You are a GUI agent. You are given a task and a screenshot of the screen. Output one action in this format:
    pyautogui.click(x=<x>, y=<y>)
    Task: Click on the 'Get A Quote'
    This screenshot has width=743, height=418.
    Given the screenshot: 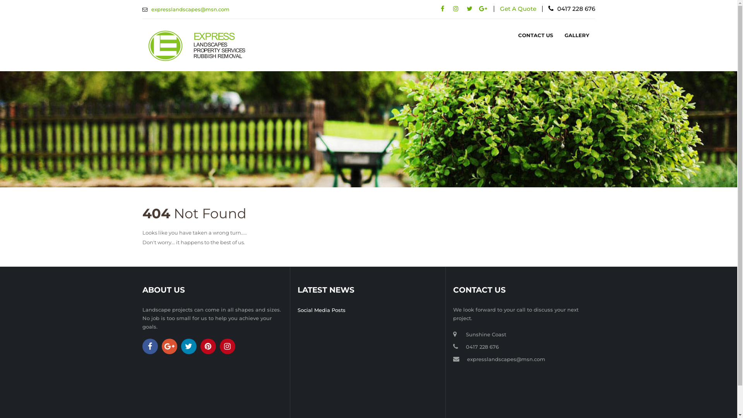 What is the action you would take?
    pyautogui.click(x=518, y=9)
    